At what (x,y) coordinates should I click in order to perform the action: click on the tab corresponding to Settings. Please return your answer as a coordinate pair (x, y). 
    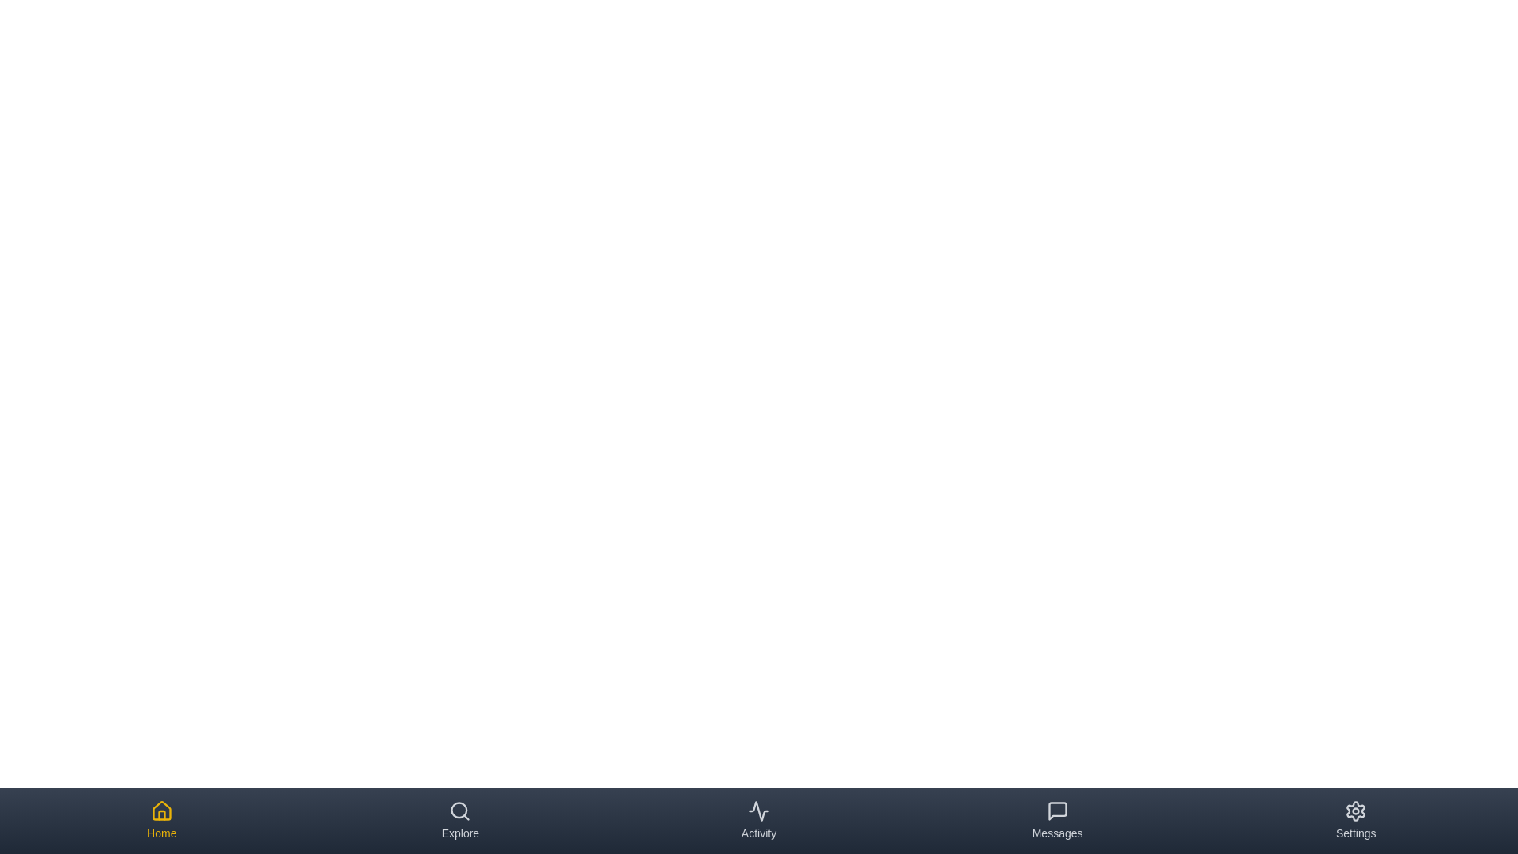
    Looking at the image, I should click on (1354, 819).